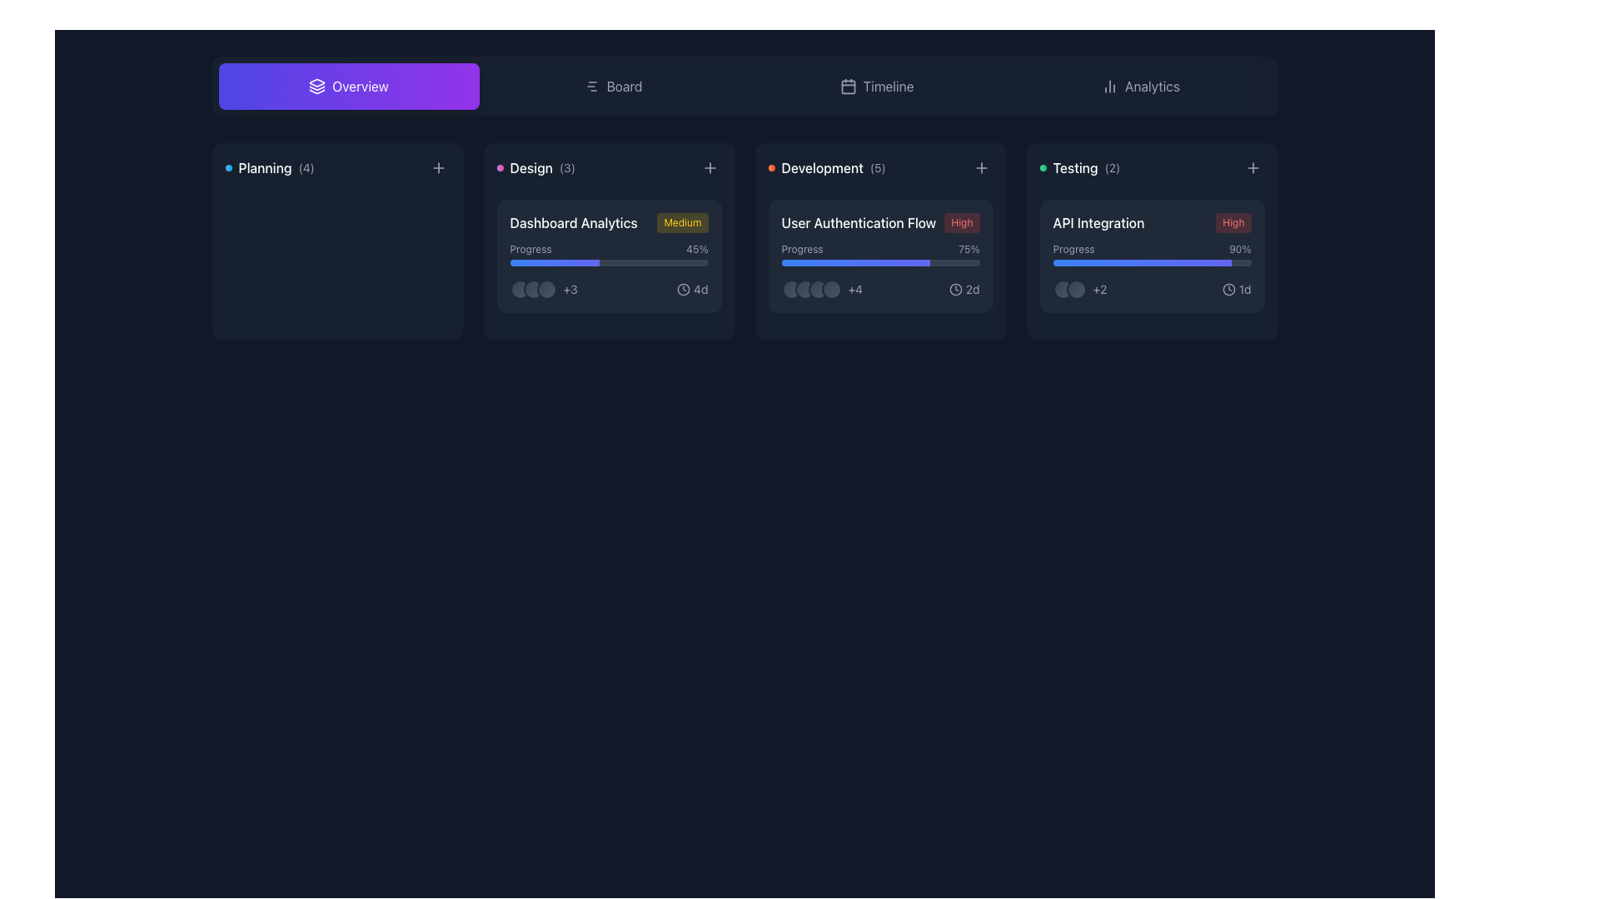 This screenshot has width=1599, height=899. What do you see at coordinates (1253, 167) in the screenshot?
I see `the 'Add New Item' button located at the top-right corner of the Testing column header labeled 'Testing(2)'` at bounding box center [1253, 167].